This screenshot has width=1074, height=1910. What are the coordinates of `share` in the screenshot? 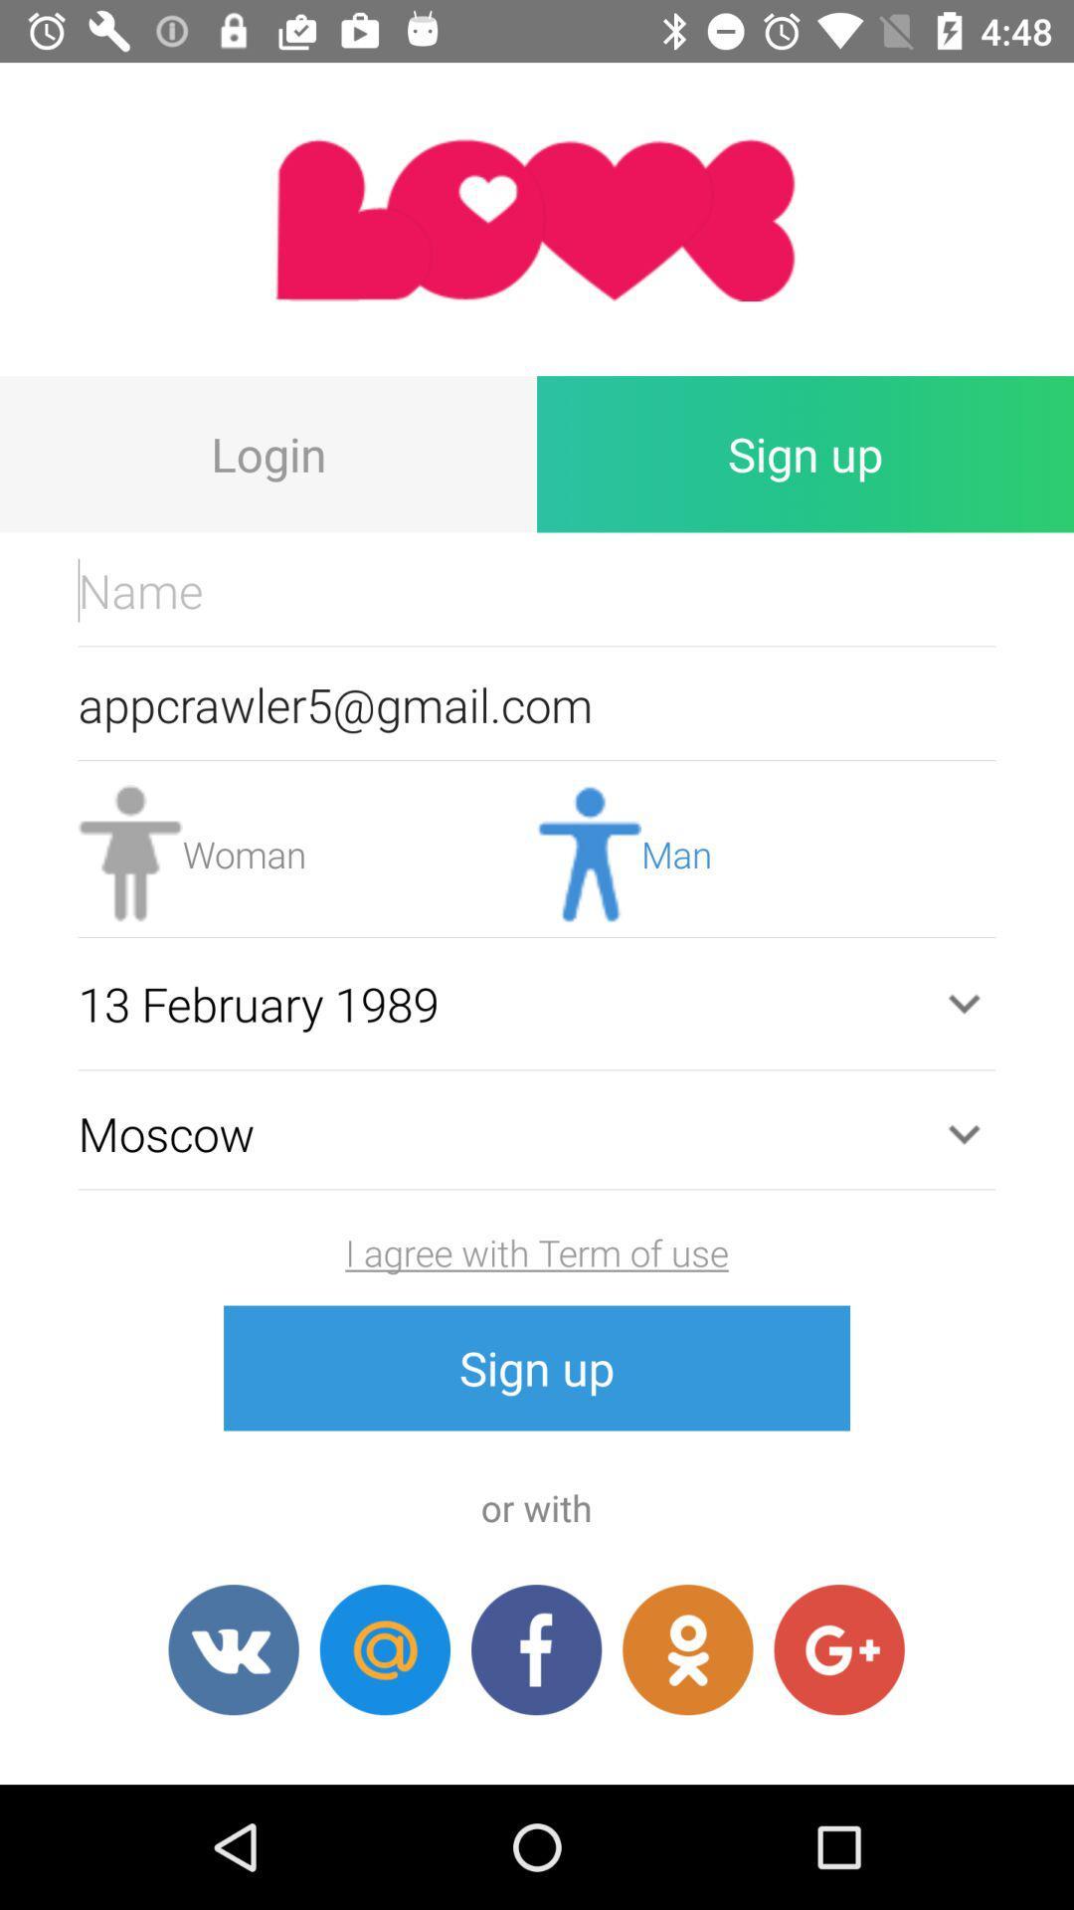 It's located at (686, 1649).